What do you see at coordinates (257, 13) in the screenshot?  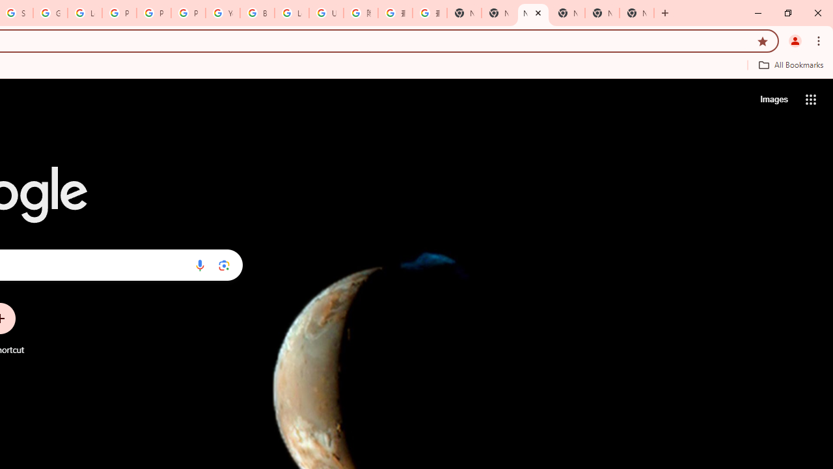 I see `'Browse Chrome as a guest - Computer - Google Chrome Help'` at bounding box center [257, 13].